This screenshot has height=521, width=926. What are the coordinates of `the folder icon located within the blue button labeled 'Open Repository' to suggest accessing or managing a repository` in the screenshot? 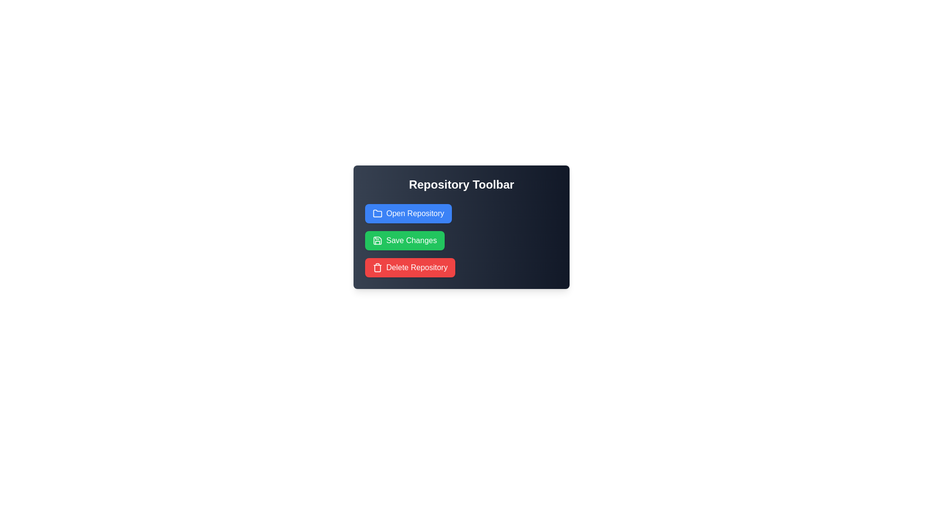 It's located at (377, 213).